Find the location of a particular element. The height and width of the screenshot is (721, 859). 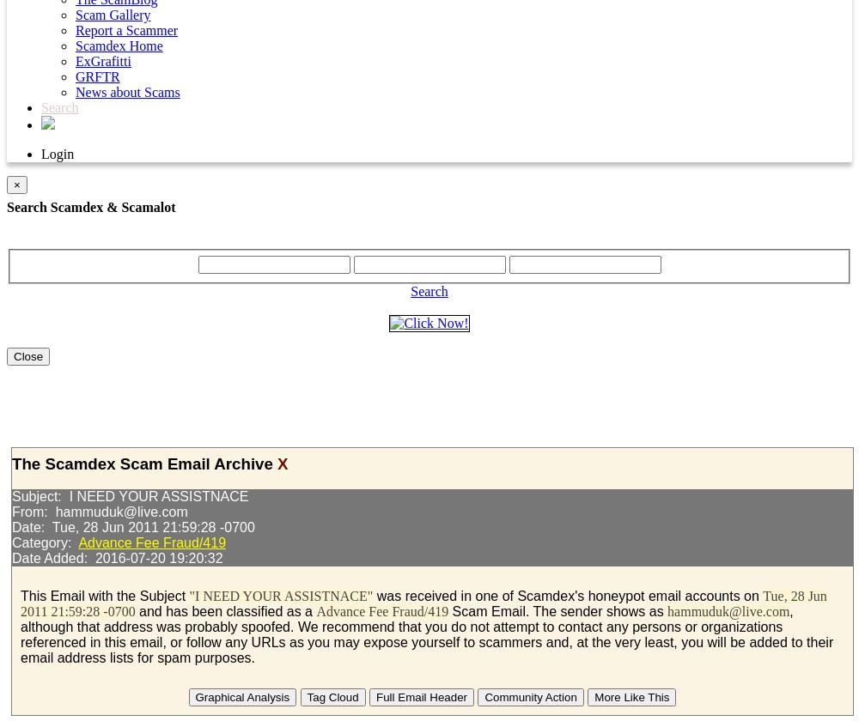

'was
           received in one of Scamdex's honeypot email accounts on' is located at coordinates (373, 596).